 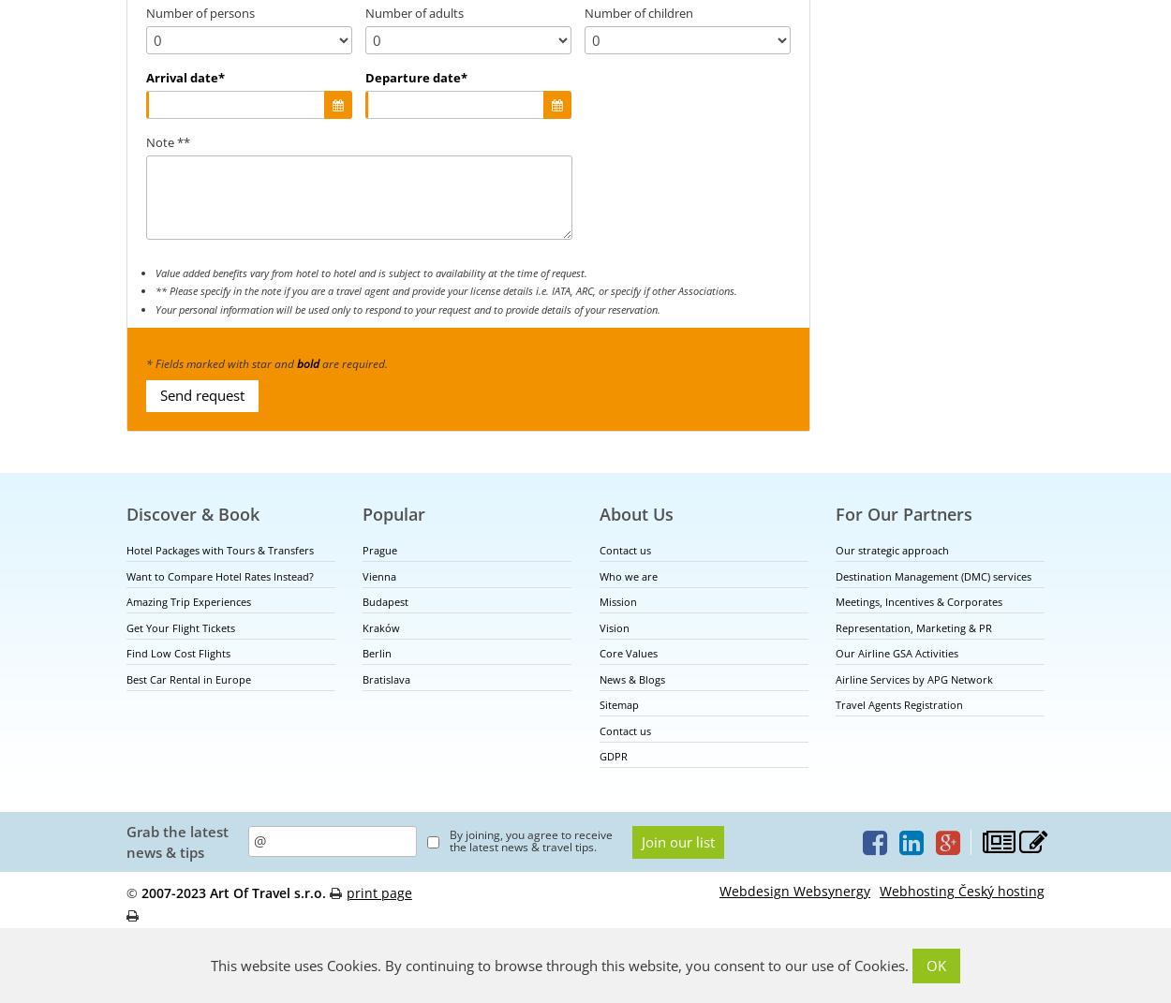 What do you see at coordinates (408, 307) in the screenshot?
I see `'Your personal information will be used only to respond to your request and to provide details of your reservation.'` at bounding box center [408, 307].